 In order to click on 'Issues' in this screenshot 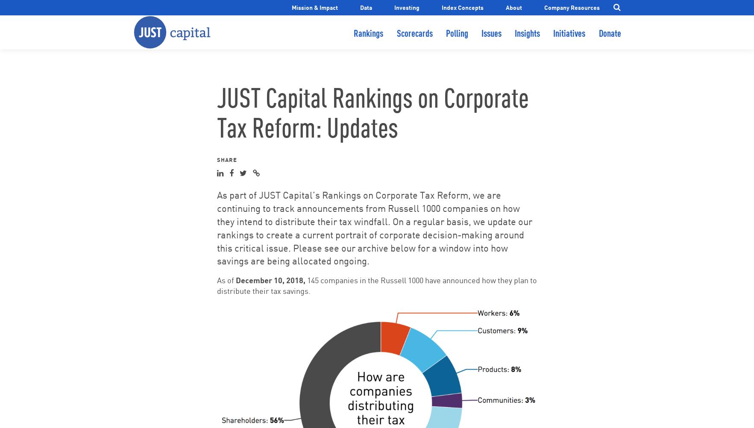, I will do `click(491, 40)`.